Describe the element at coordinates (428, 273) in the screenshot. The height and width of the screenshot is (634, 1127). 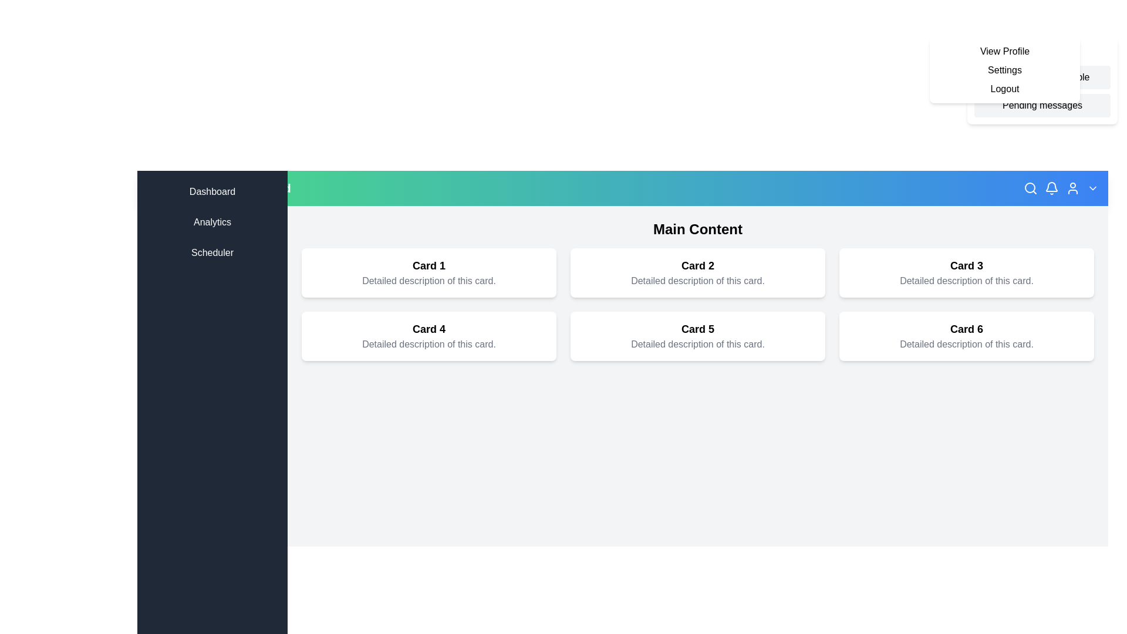
I see `the Card component with bold text 'Card 1' located in the top-left position of the grid` at that location.